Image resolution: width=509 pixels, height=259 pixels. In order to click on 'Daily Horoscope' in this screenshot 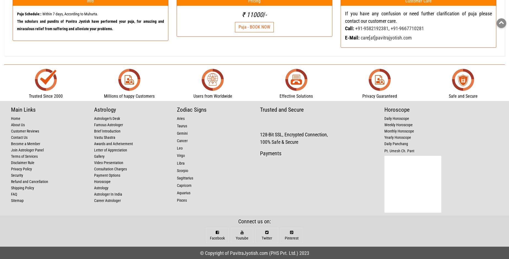, I will do `click(397, 118)`.